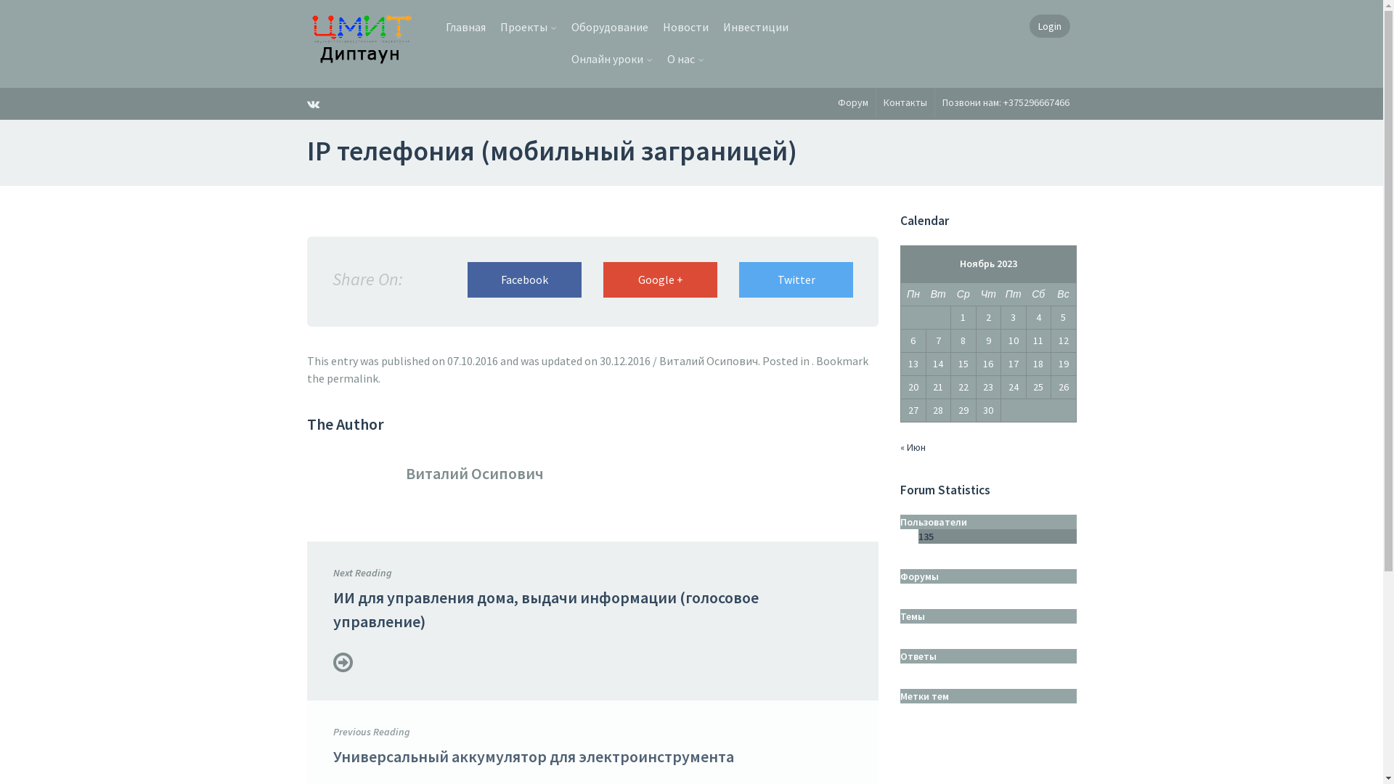  Describe the element at coordinates (1049, 25) in the screenshot. I see `'Login'` at that location.